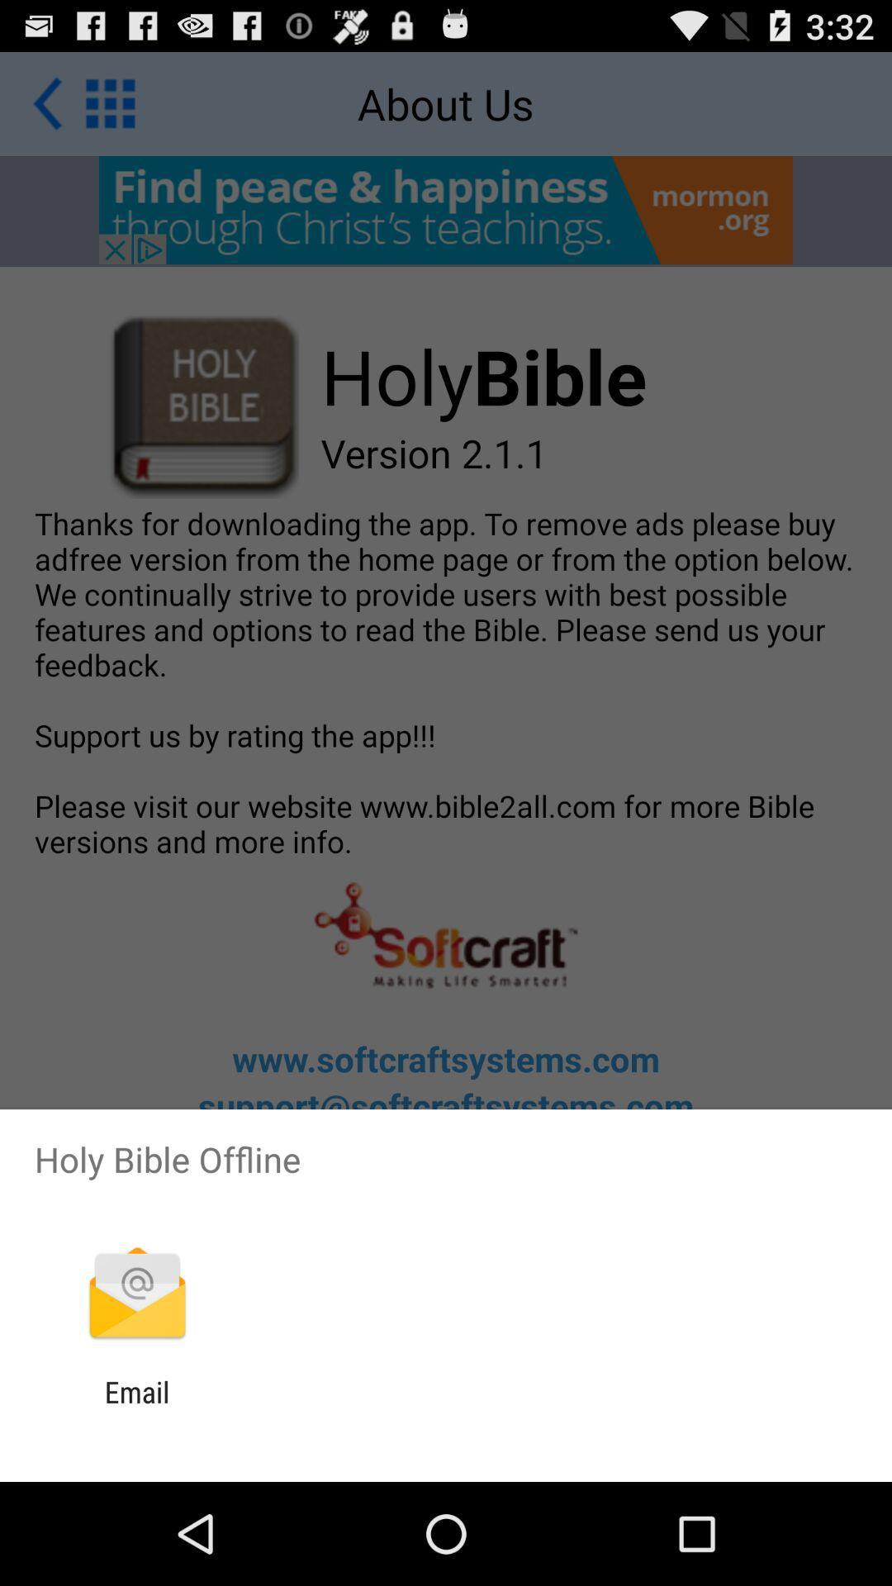 The height and width of the screenshot is (1586, 892). What do you see at coordinates (136, 1408) in the screenshot?
I see `the email icon` at bounding box center [136, 1408].